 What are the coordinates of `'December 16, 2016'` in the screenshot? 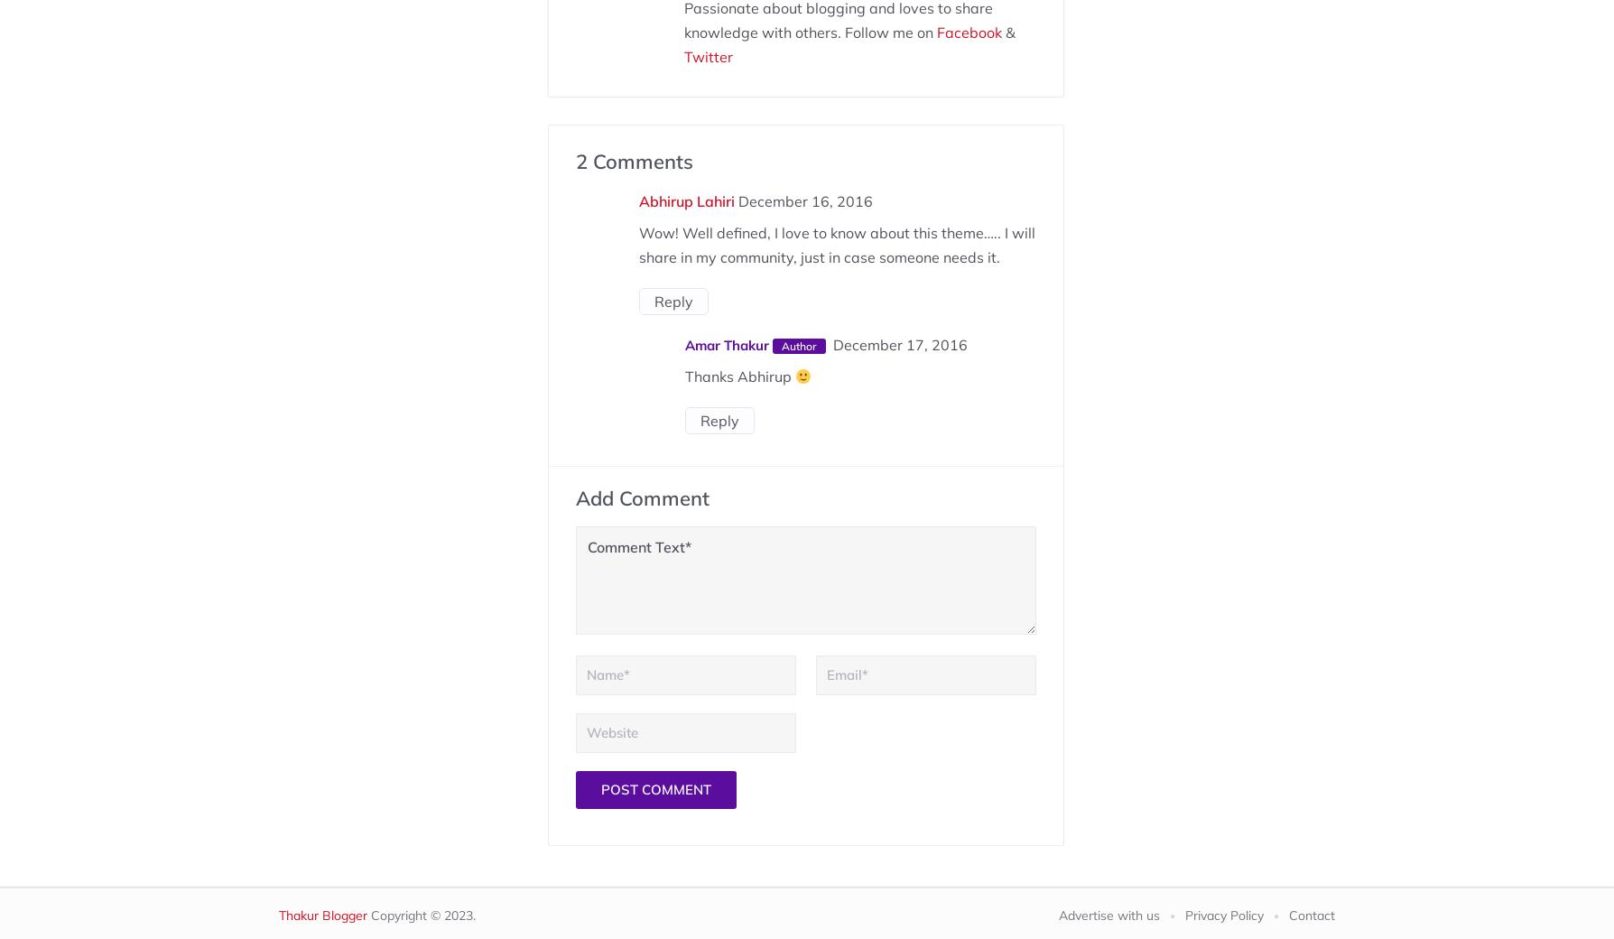 It's located at (803, 200).